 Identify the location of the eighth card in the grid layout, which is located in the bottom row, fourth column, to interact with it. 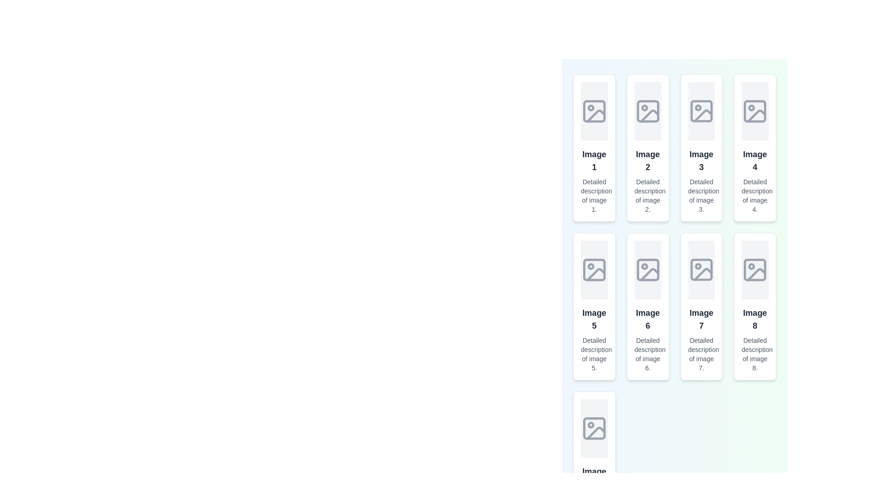
(755, 306).